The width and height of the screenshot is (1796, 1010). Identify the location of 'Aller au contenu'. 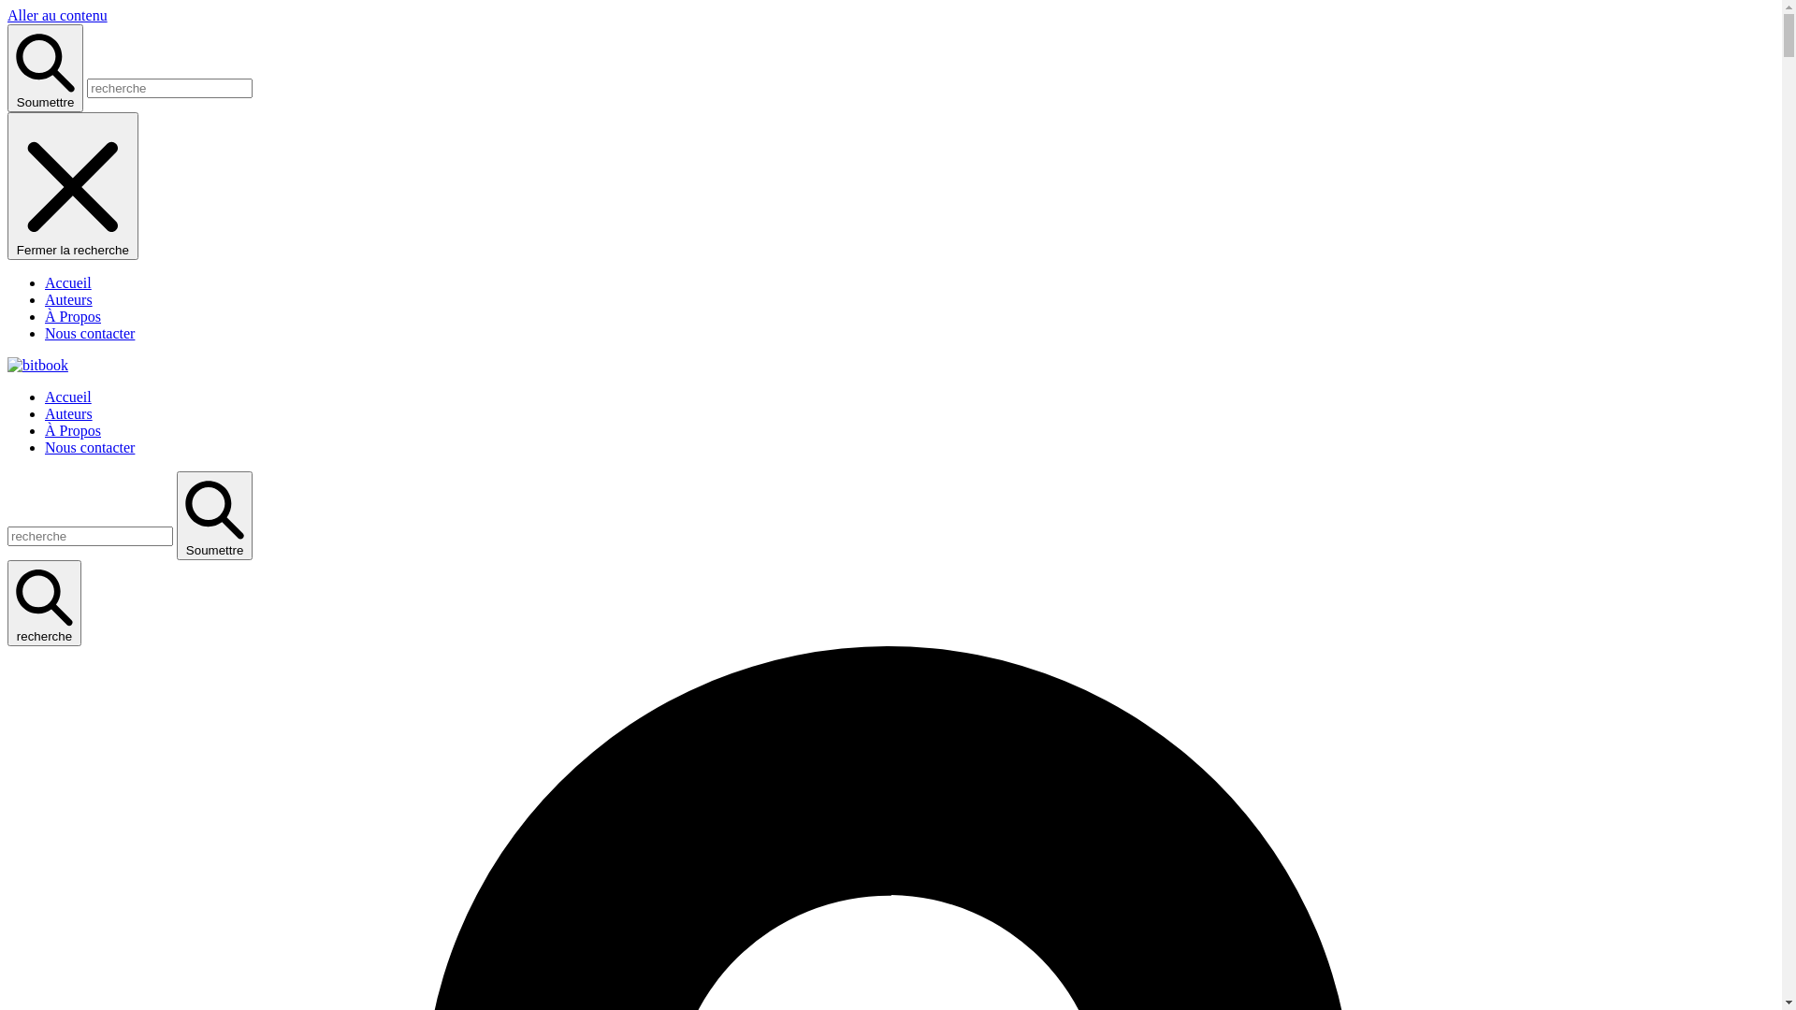
(57, 15).